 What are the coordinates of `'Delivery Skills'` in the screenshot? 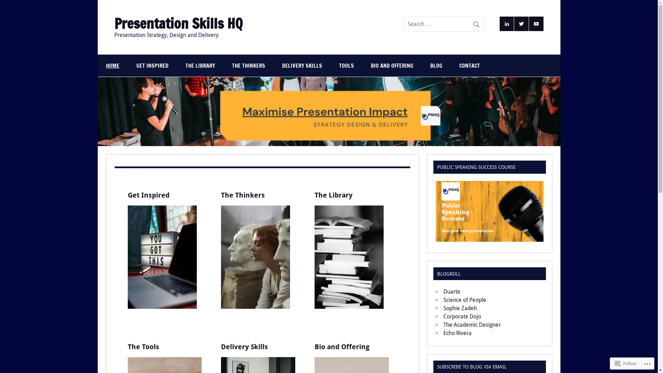 It's located at (220, 346).